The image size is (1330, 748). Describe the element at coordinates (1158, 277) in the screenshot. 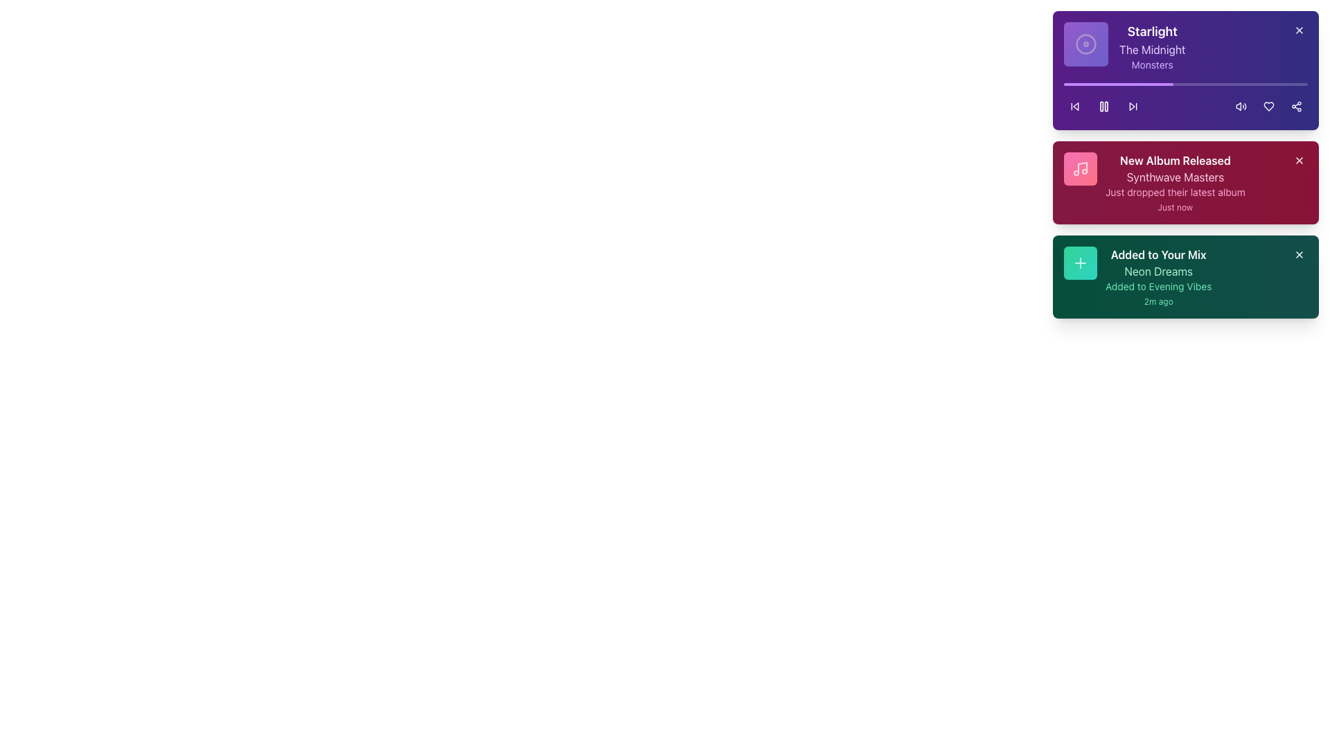

I see `text content displayed in the notification Text block located in the bottom card of the right stack, next to the green square icon with a plus sign` at that location.